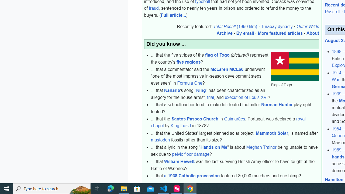 This screenshot has height=194, width=345. Describe the element at coordinates (227, 69) in the screenshot. I see `'McLaren MCL60'` at that location.